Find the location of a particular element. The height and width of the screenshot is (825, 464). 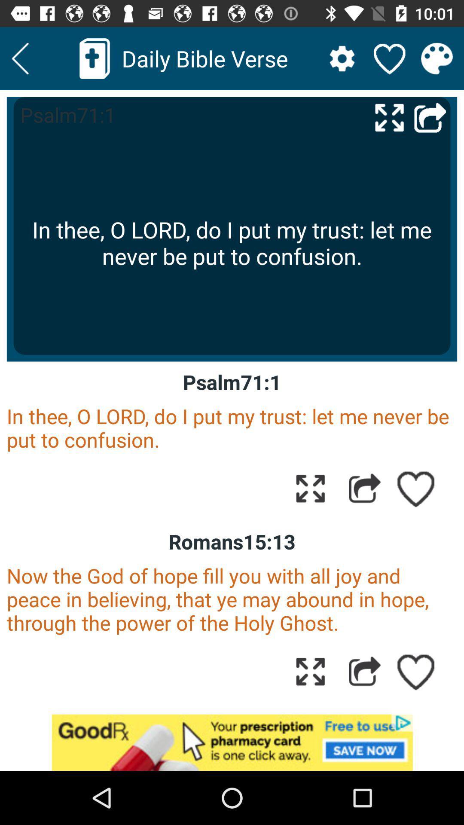

to favorites is located at coordinates (416, 488).